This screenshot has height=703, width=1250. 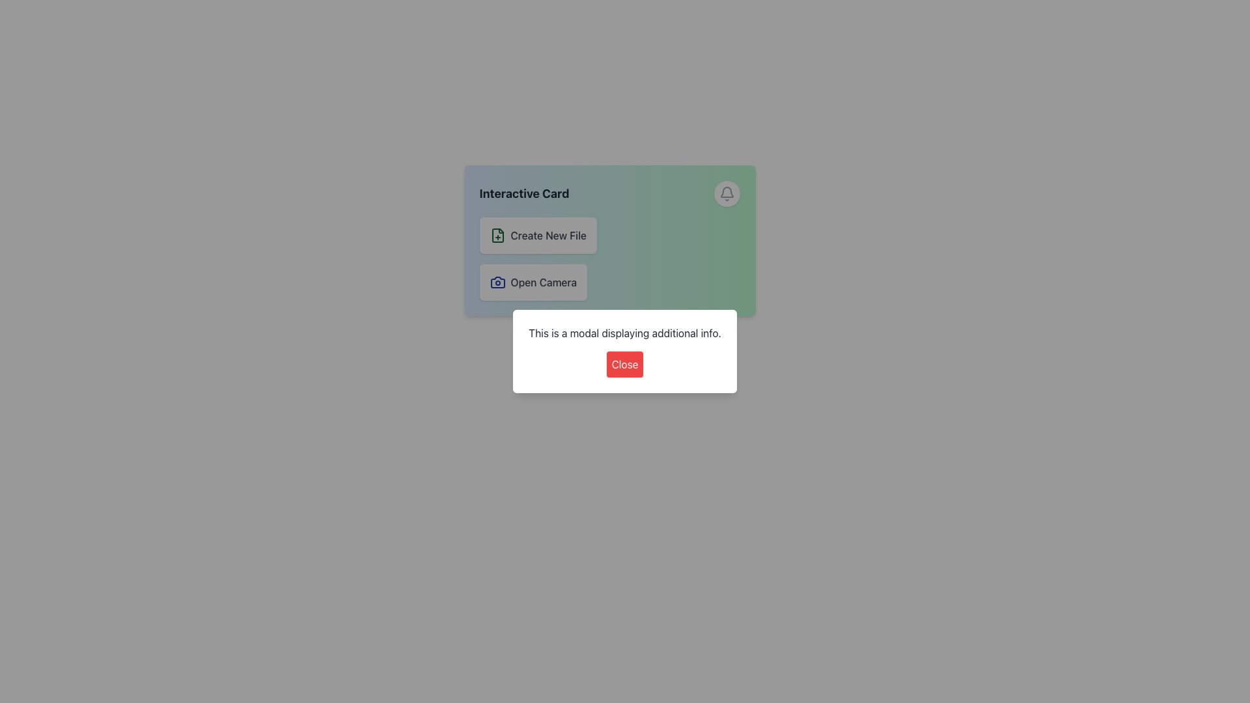 What do you see at coordinates (625, 351) in the screenshot?
I see `the 'Close' button of the modal dialog box, which is visually identified by its red color and labeled 'Close'` at bounding box center [625, 351].